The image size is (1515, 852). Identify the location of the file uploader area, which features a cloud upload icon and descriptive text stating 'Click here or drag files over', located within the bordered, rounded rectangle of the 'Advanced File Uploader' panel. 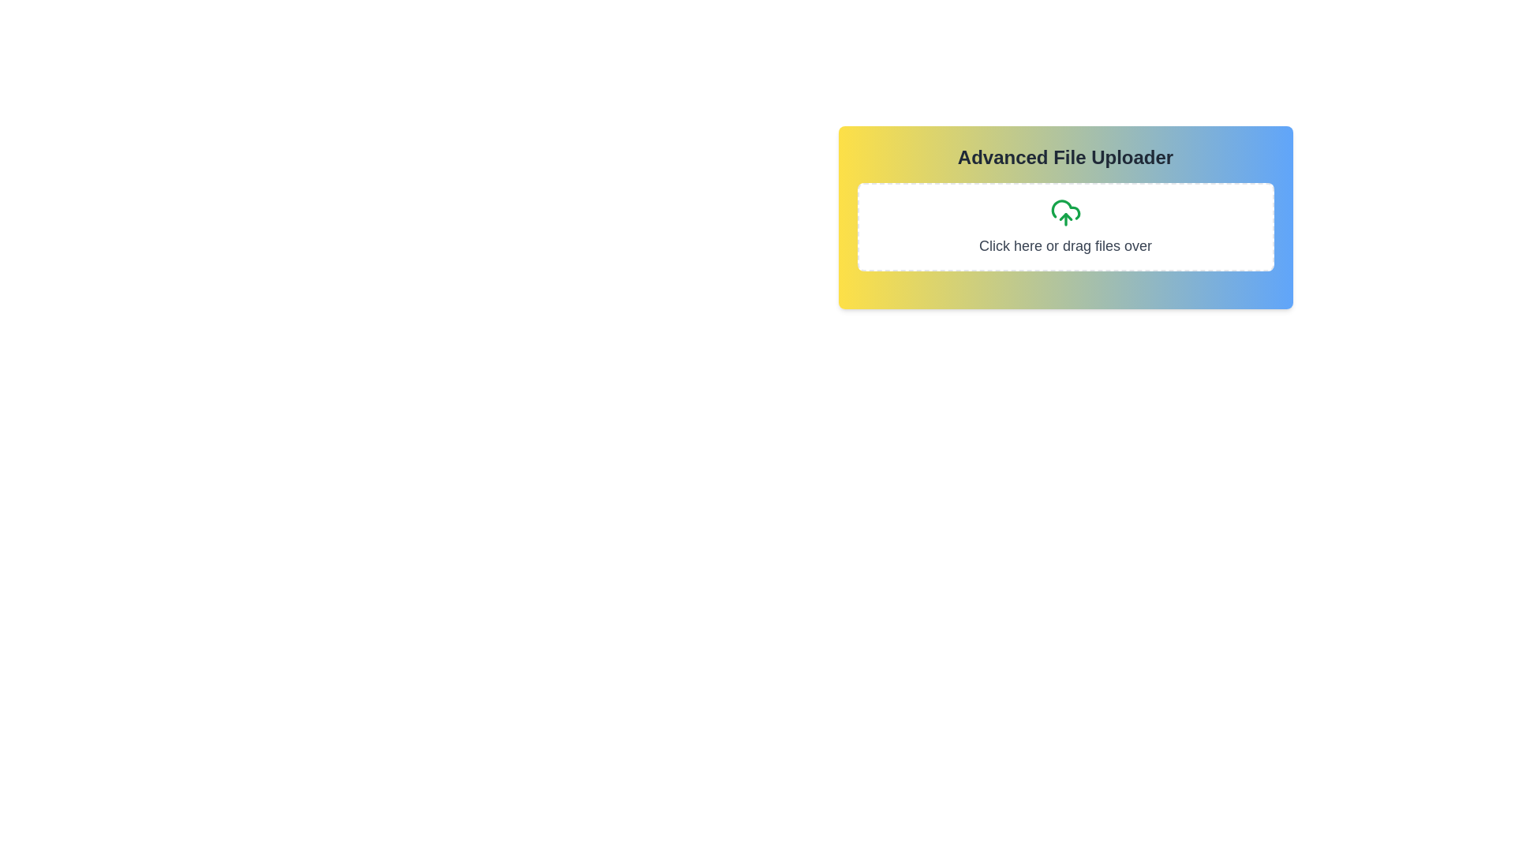
(1065, 227).